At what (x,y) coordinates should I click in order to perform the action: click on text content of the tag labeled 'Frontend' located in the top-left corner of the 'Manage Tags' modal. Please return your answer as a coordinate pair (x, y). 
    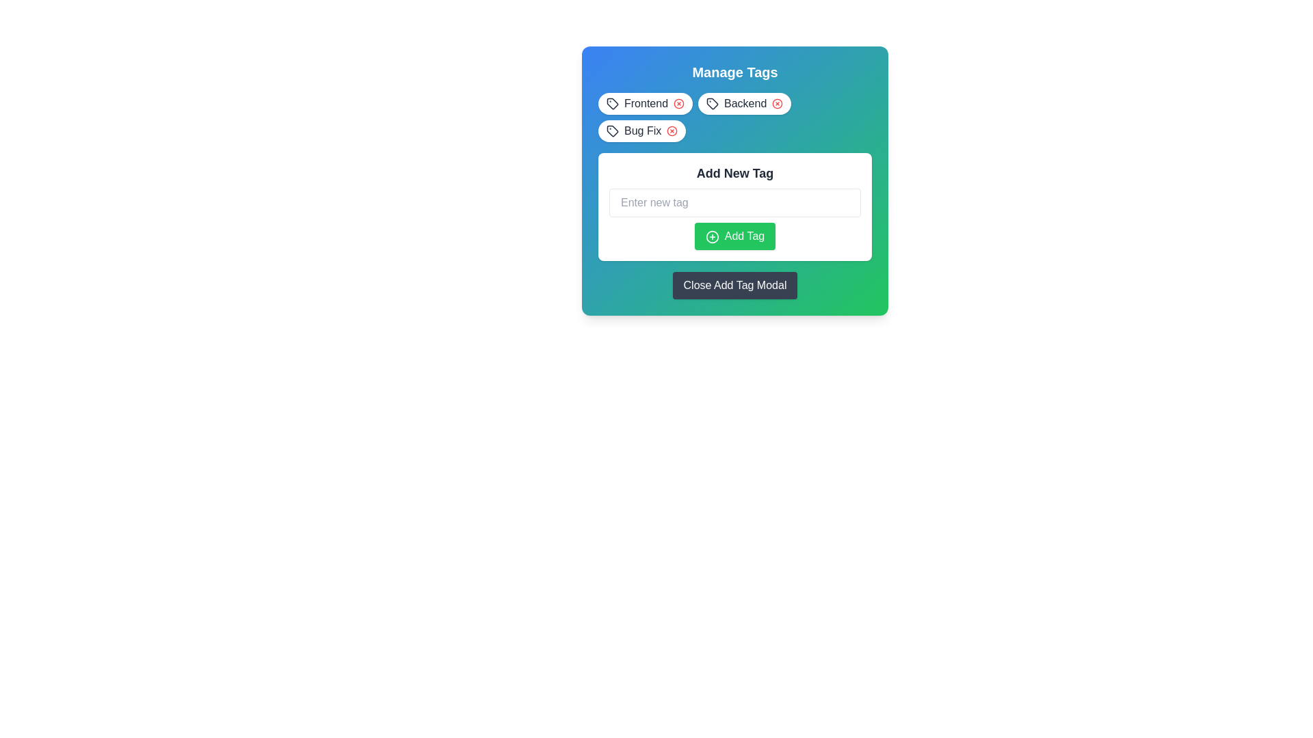
    Looking at the image, I should click on (646, 102).